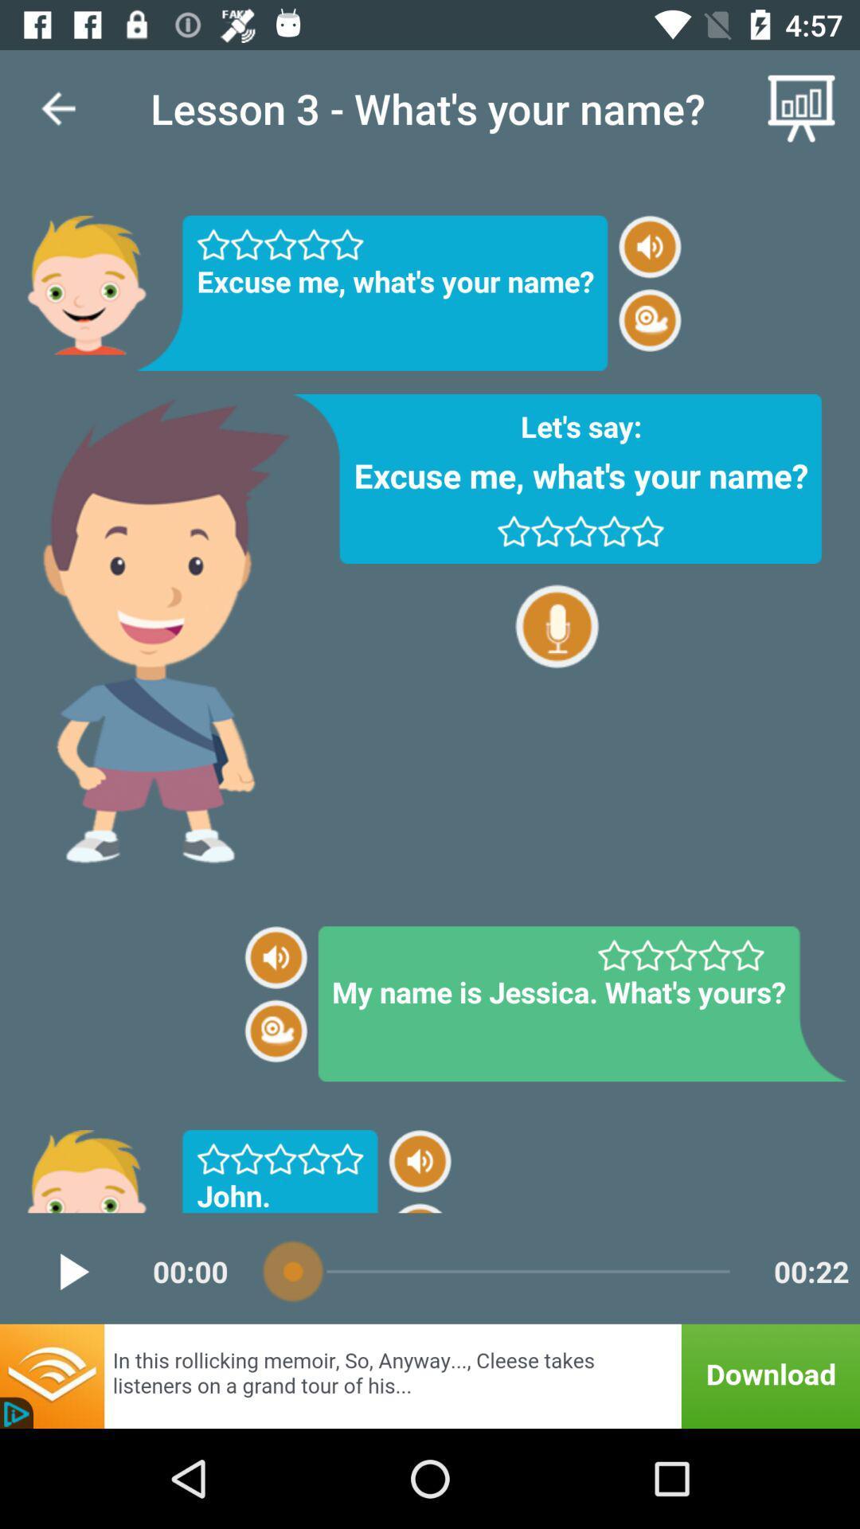 The height and width of the screenshot is (1529, 860). I want to click on the play icon, so click(70, 1271).